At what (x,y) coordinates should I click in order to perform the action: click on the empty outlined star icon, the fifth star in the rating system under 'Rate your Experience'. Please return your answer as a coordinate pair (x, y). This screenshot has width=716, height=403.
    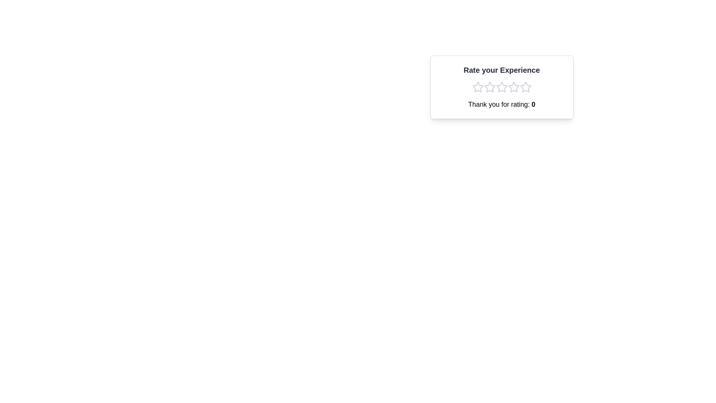
    Looking at the image, I should click on (525, 87).